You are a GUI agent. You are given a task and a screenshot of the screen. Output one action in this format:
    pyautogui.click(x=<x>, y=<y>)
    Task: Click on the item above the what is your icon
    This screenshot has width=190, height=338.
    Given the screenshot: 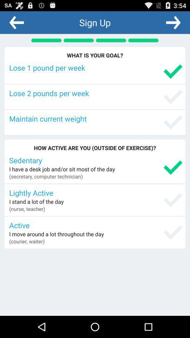 What is the action you would take?
    pyautogui.click(x=173, y=22)
    